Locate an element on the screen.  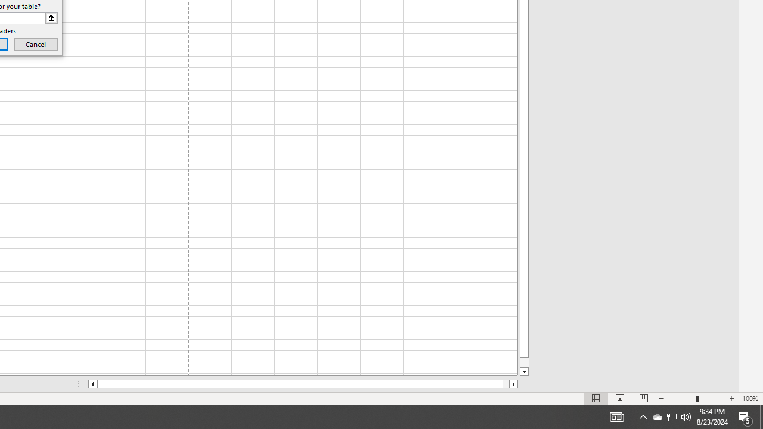
'Column right' is located at coordinates (514, 384).